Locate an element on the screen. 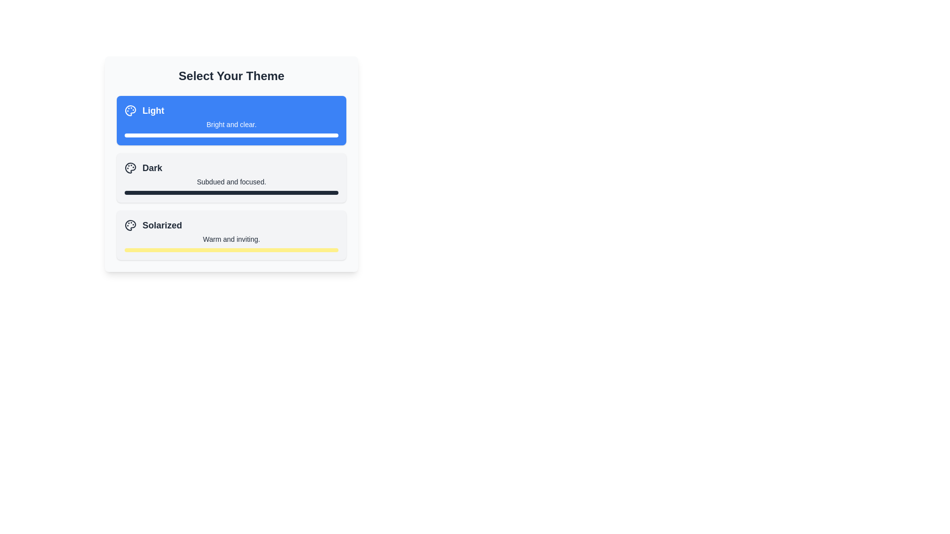 This screenshot has height=534, width=950. the 'Dark' button with a palette icon is located at coordinates (231, 177).